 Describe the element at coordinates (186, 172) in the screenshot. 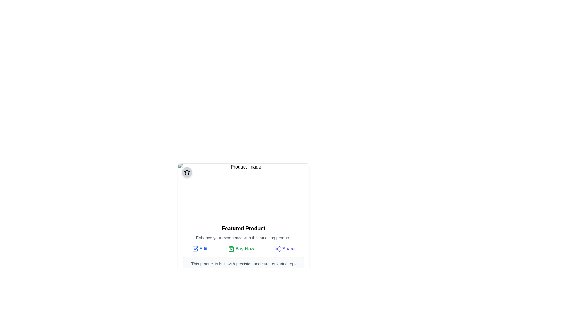

I see `the star icon within the circular button located at the top-left corner of the 'Product Image' card` at that location.